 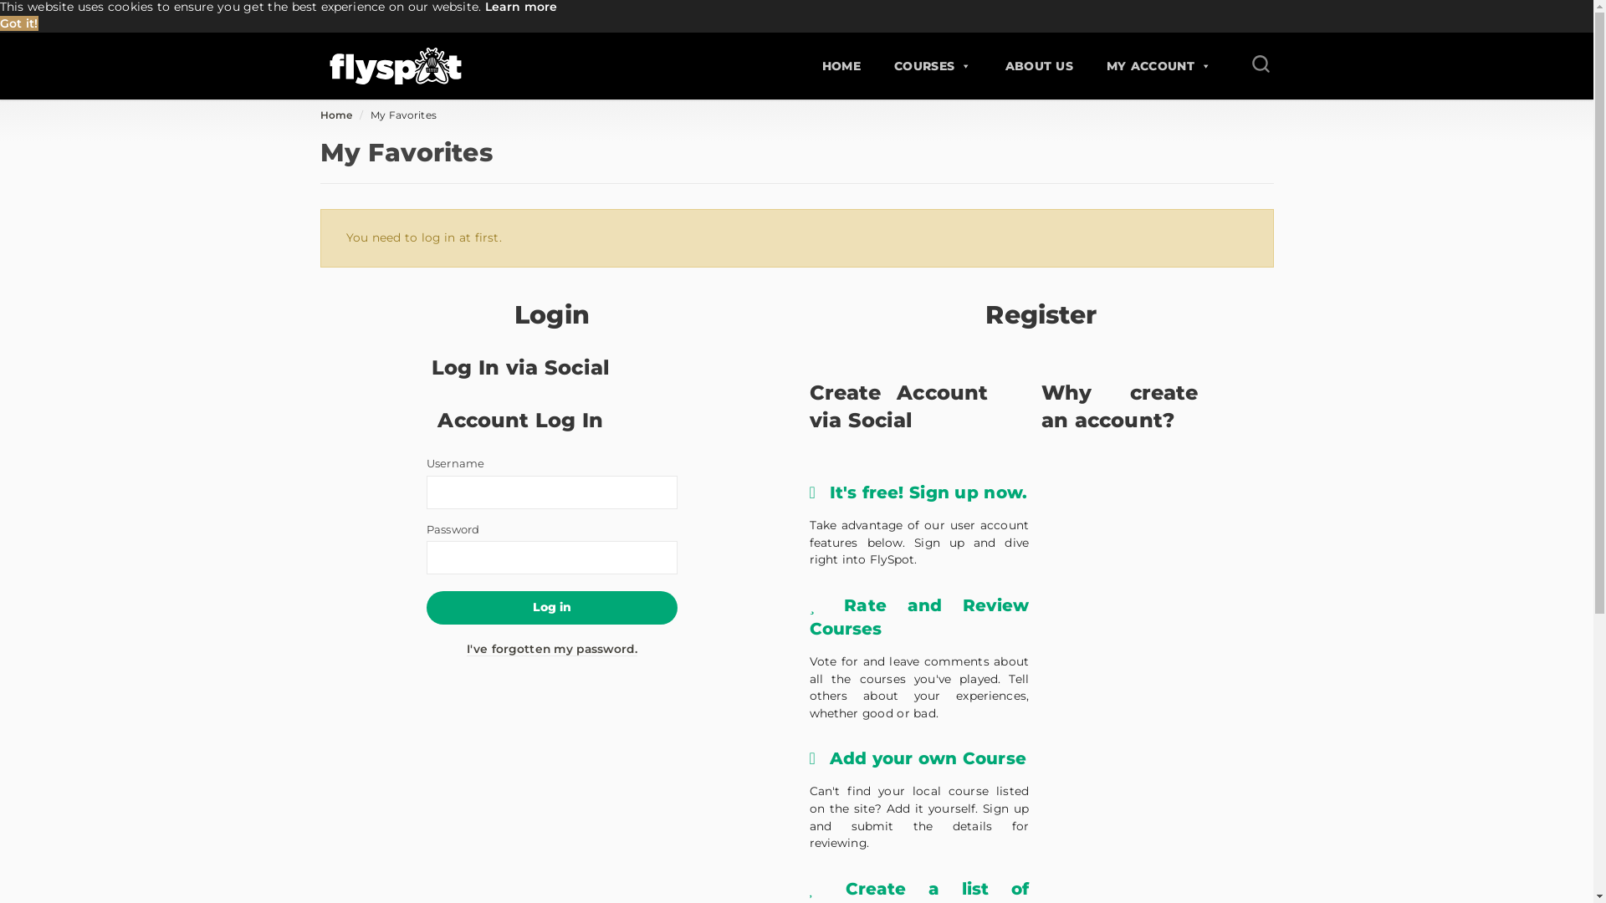 What do you see at coordinates (552, 607) in the screenshot?
I see `'Log in'` at bounding box center [552, 607].